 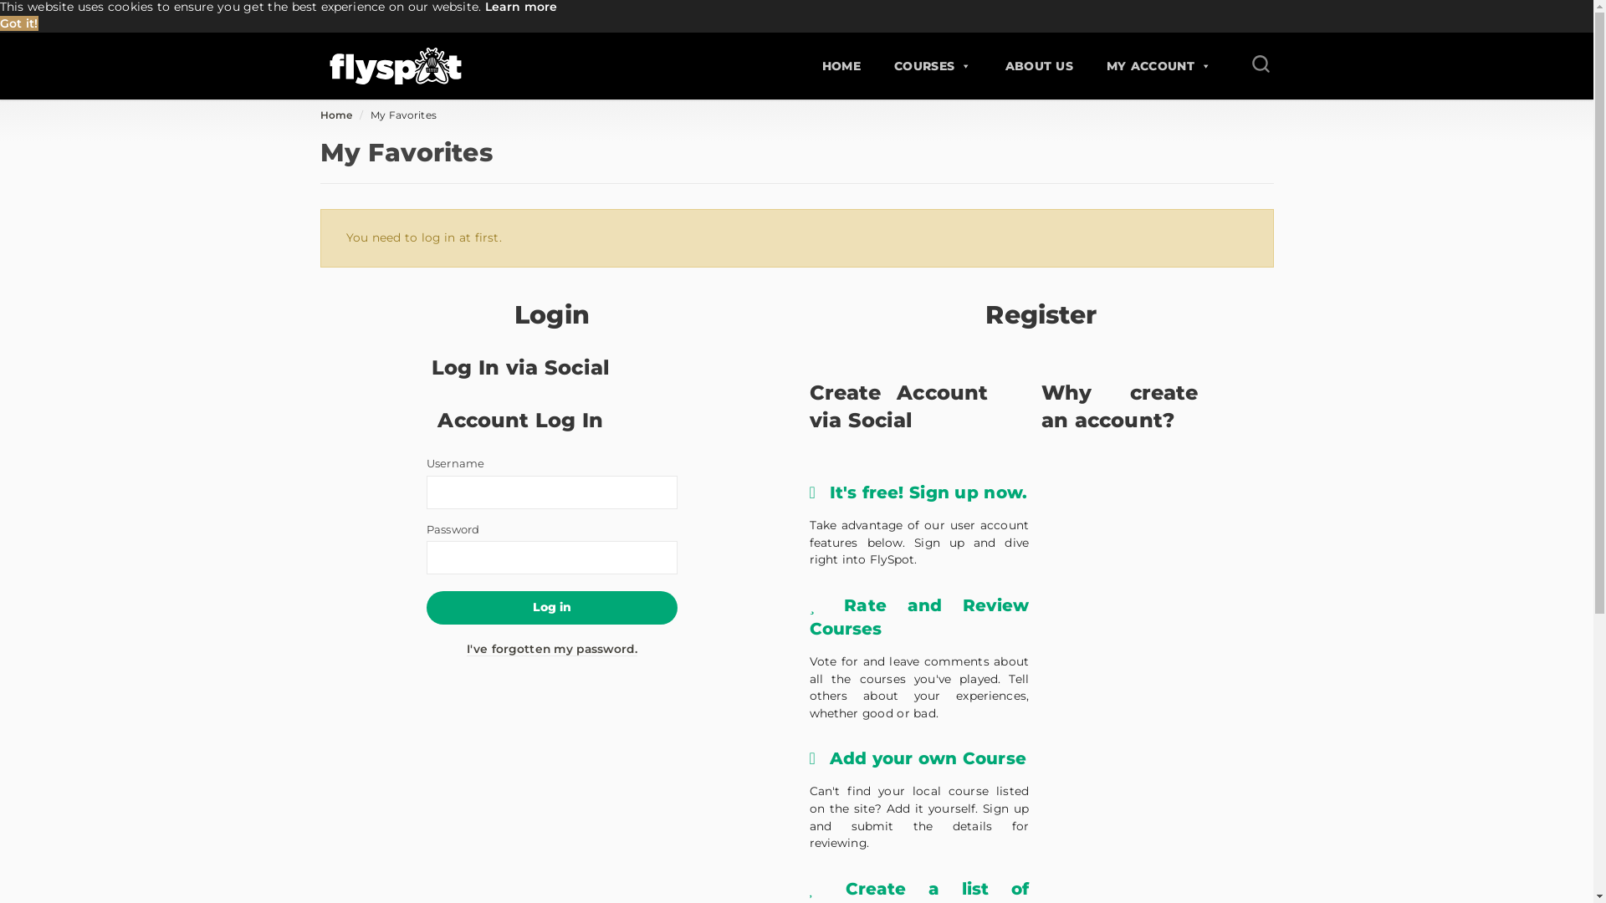 What do you see at coordinates (552, 607) in the screenshot?
I see `'Log in'` at bounding box center [552, 607].